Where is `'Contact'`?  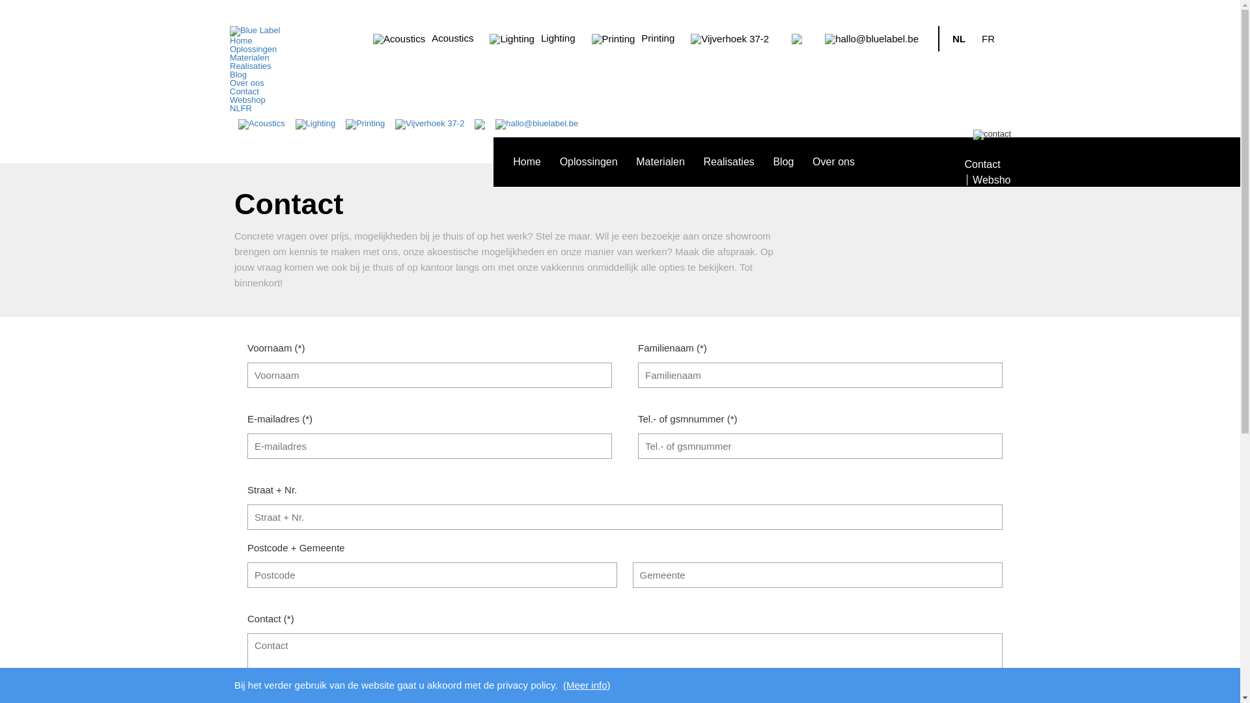
'Contact' is located at coordinates (230, 90).